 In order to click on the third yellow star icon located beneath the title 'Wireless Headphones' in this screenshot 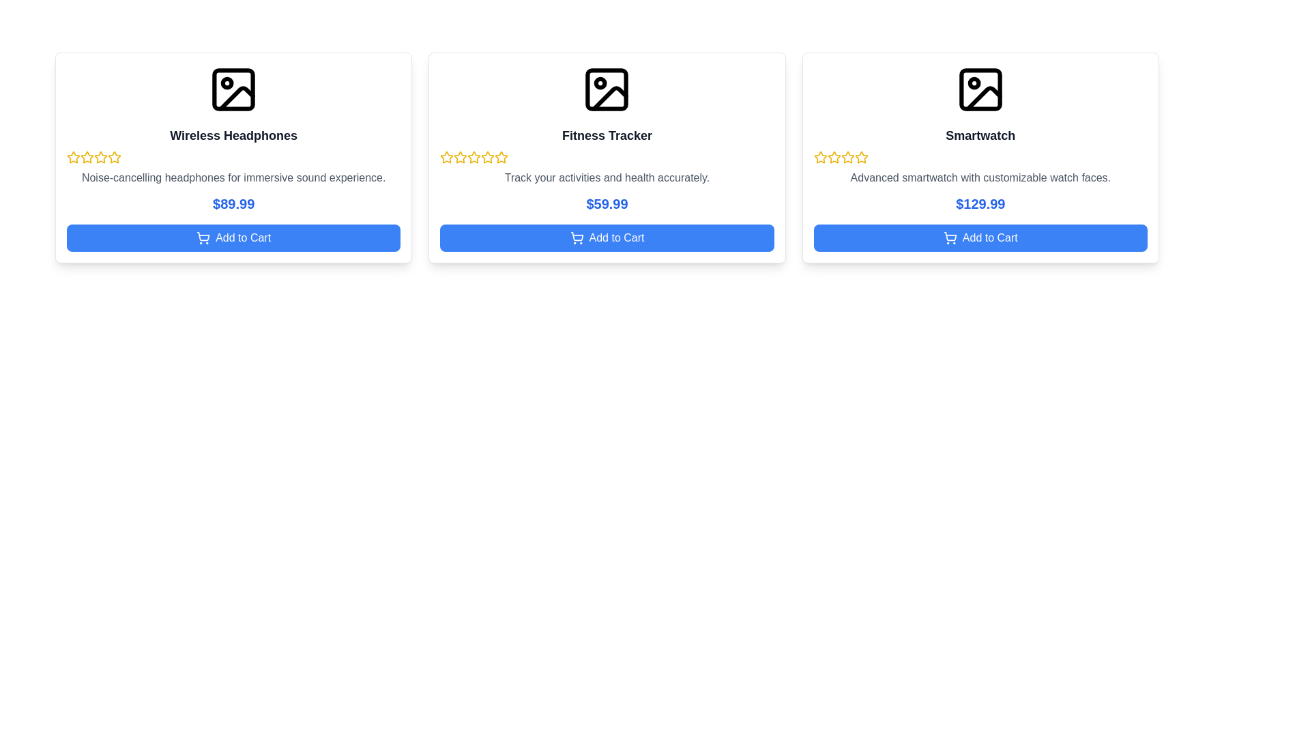, I will do `click(87, 157)`.